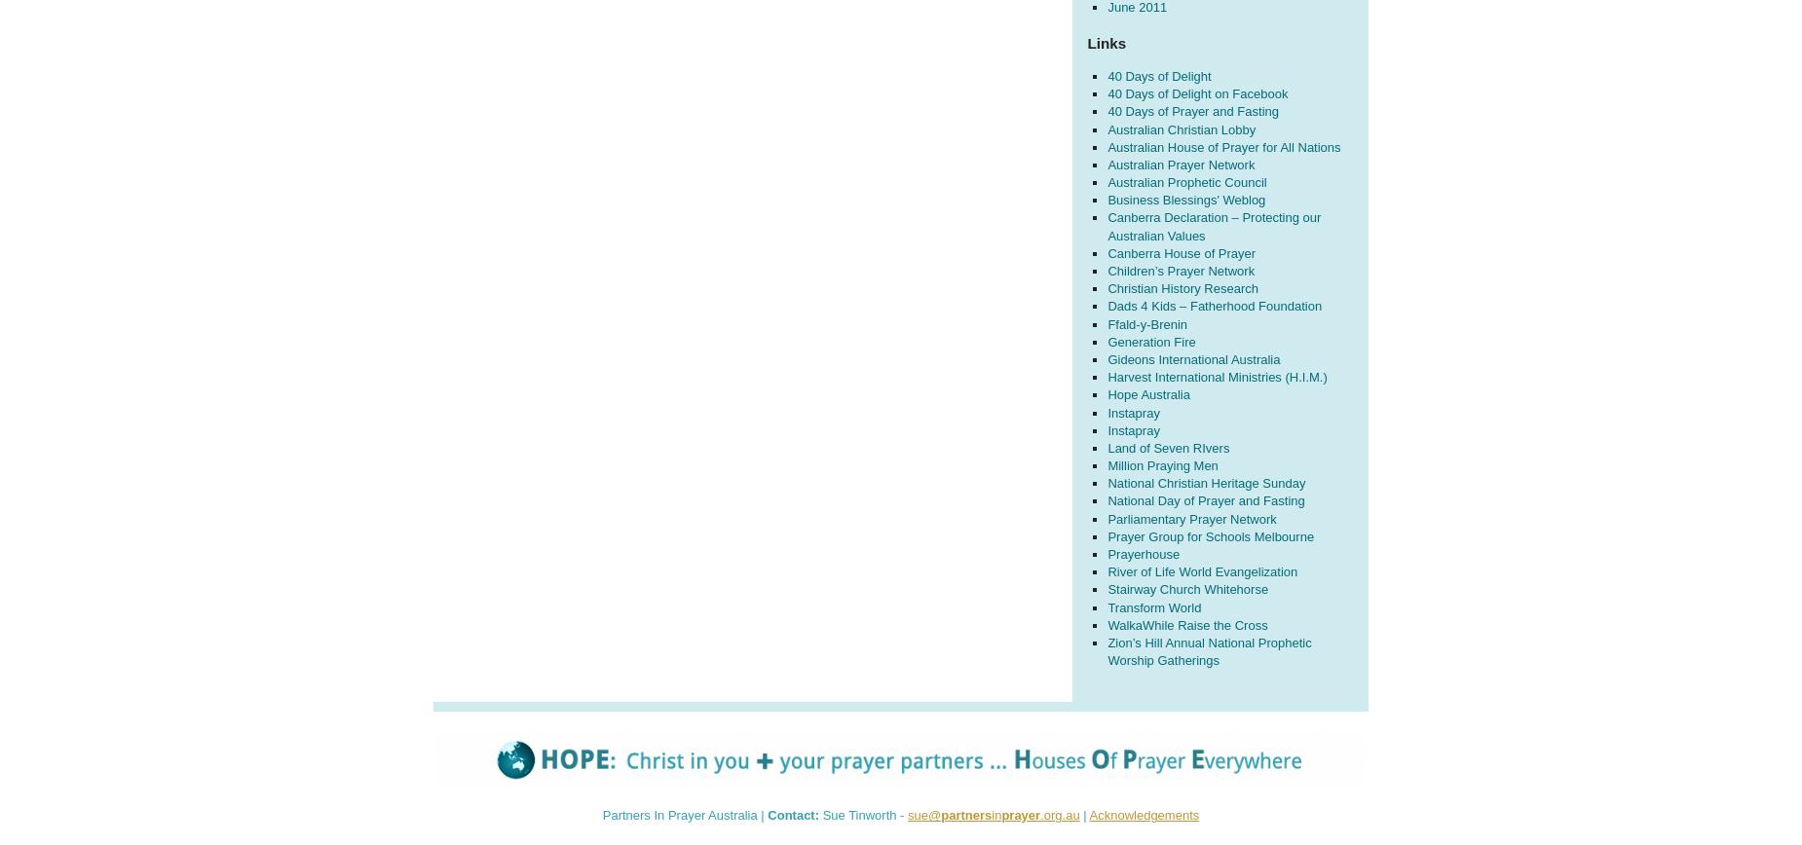  Describe the element at coordinates (1020, 815) in the screenshot. I see `'prayer'` at that location.